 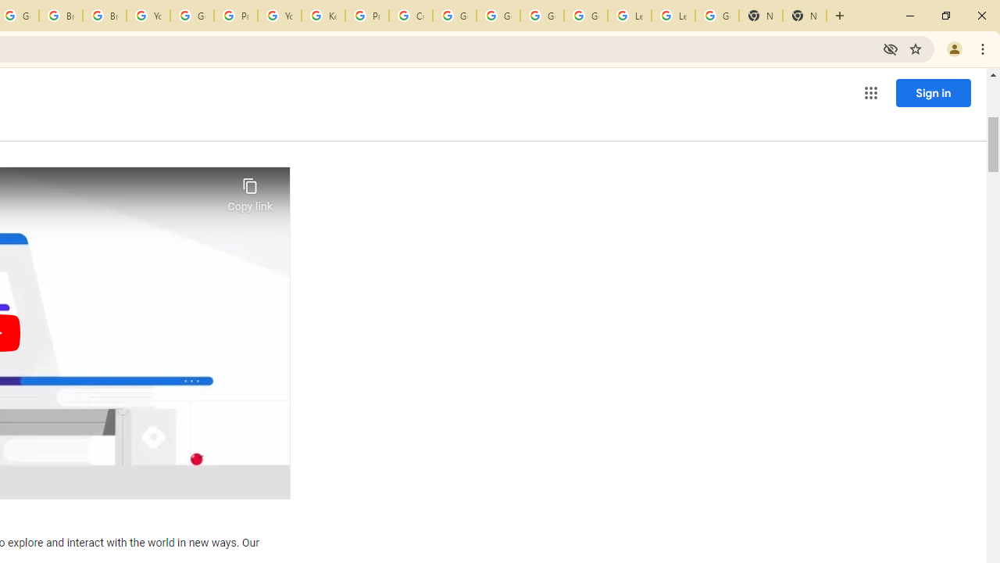 What do you see at coordinates (585, 16) in the screenshot?
I see `'Google Account Help'` at bounding box center [585, 16].